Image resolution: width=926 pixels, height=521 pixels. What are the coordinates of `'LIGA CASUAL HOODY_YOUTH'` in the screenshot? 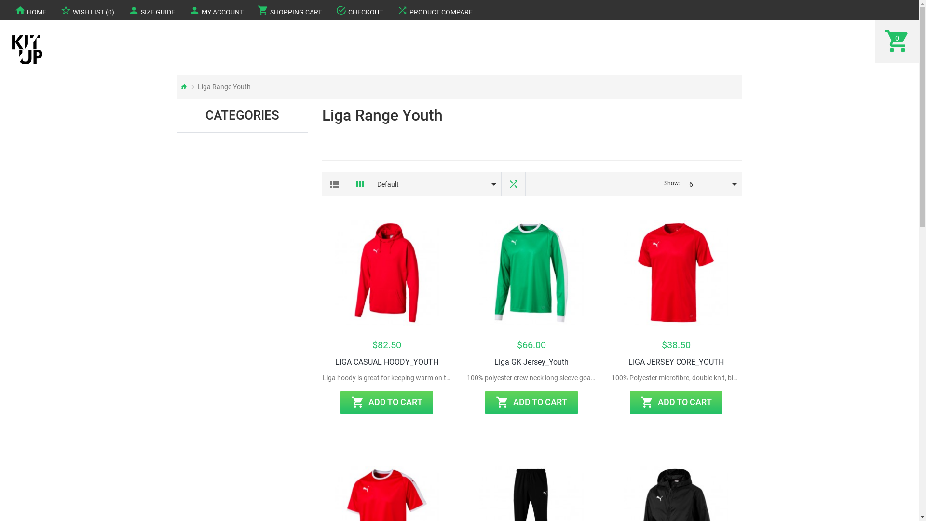 It's located at (386, 362).